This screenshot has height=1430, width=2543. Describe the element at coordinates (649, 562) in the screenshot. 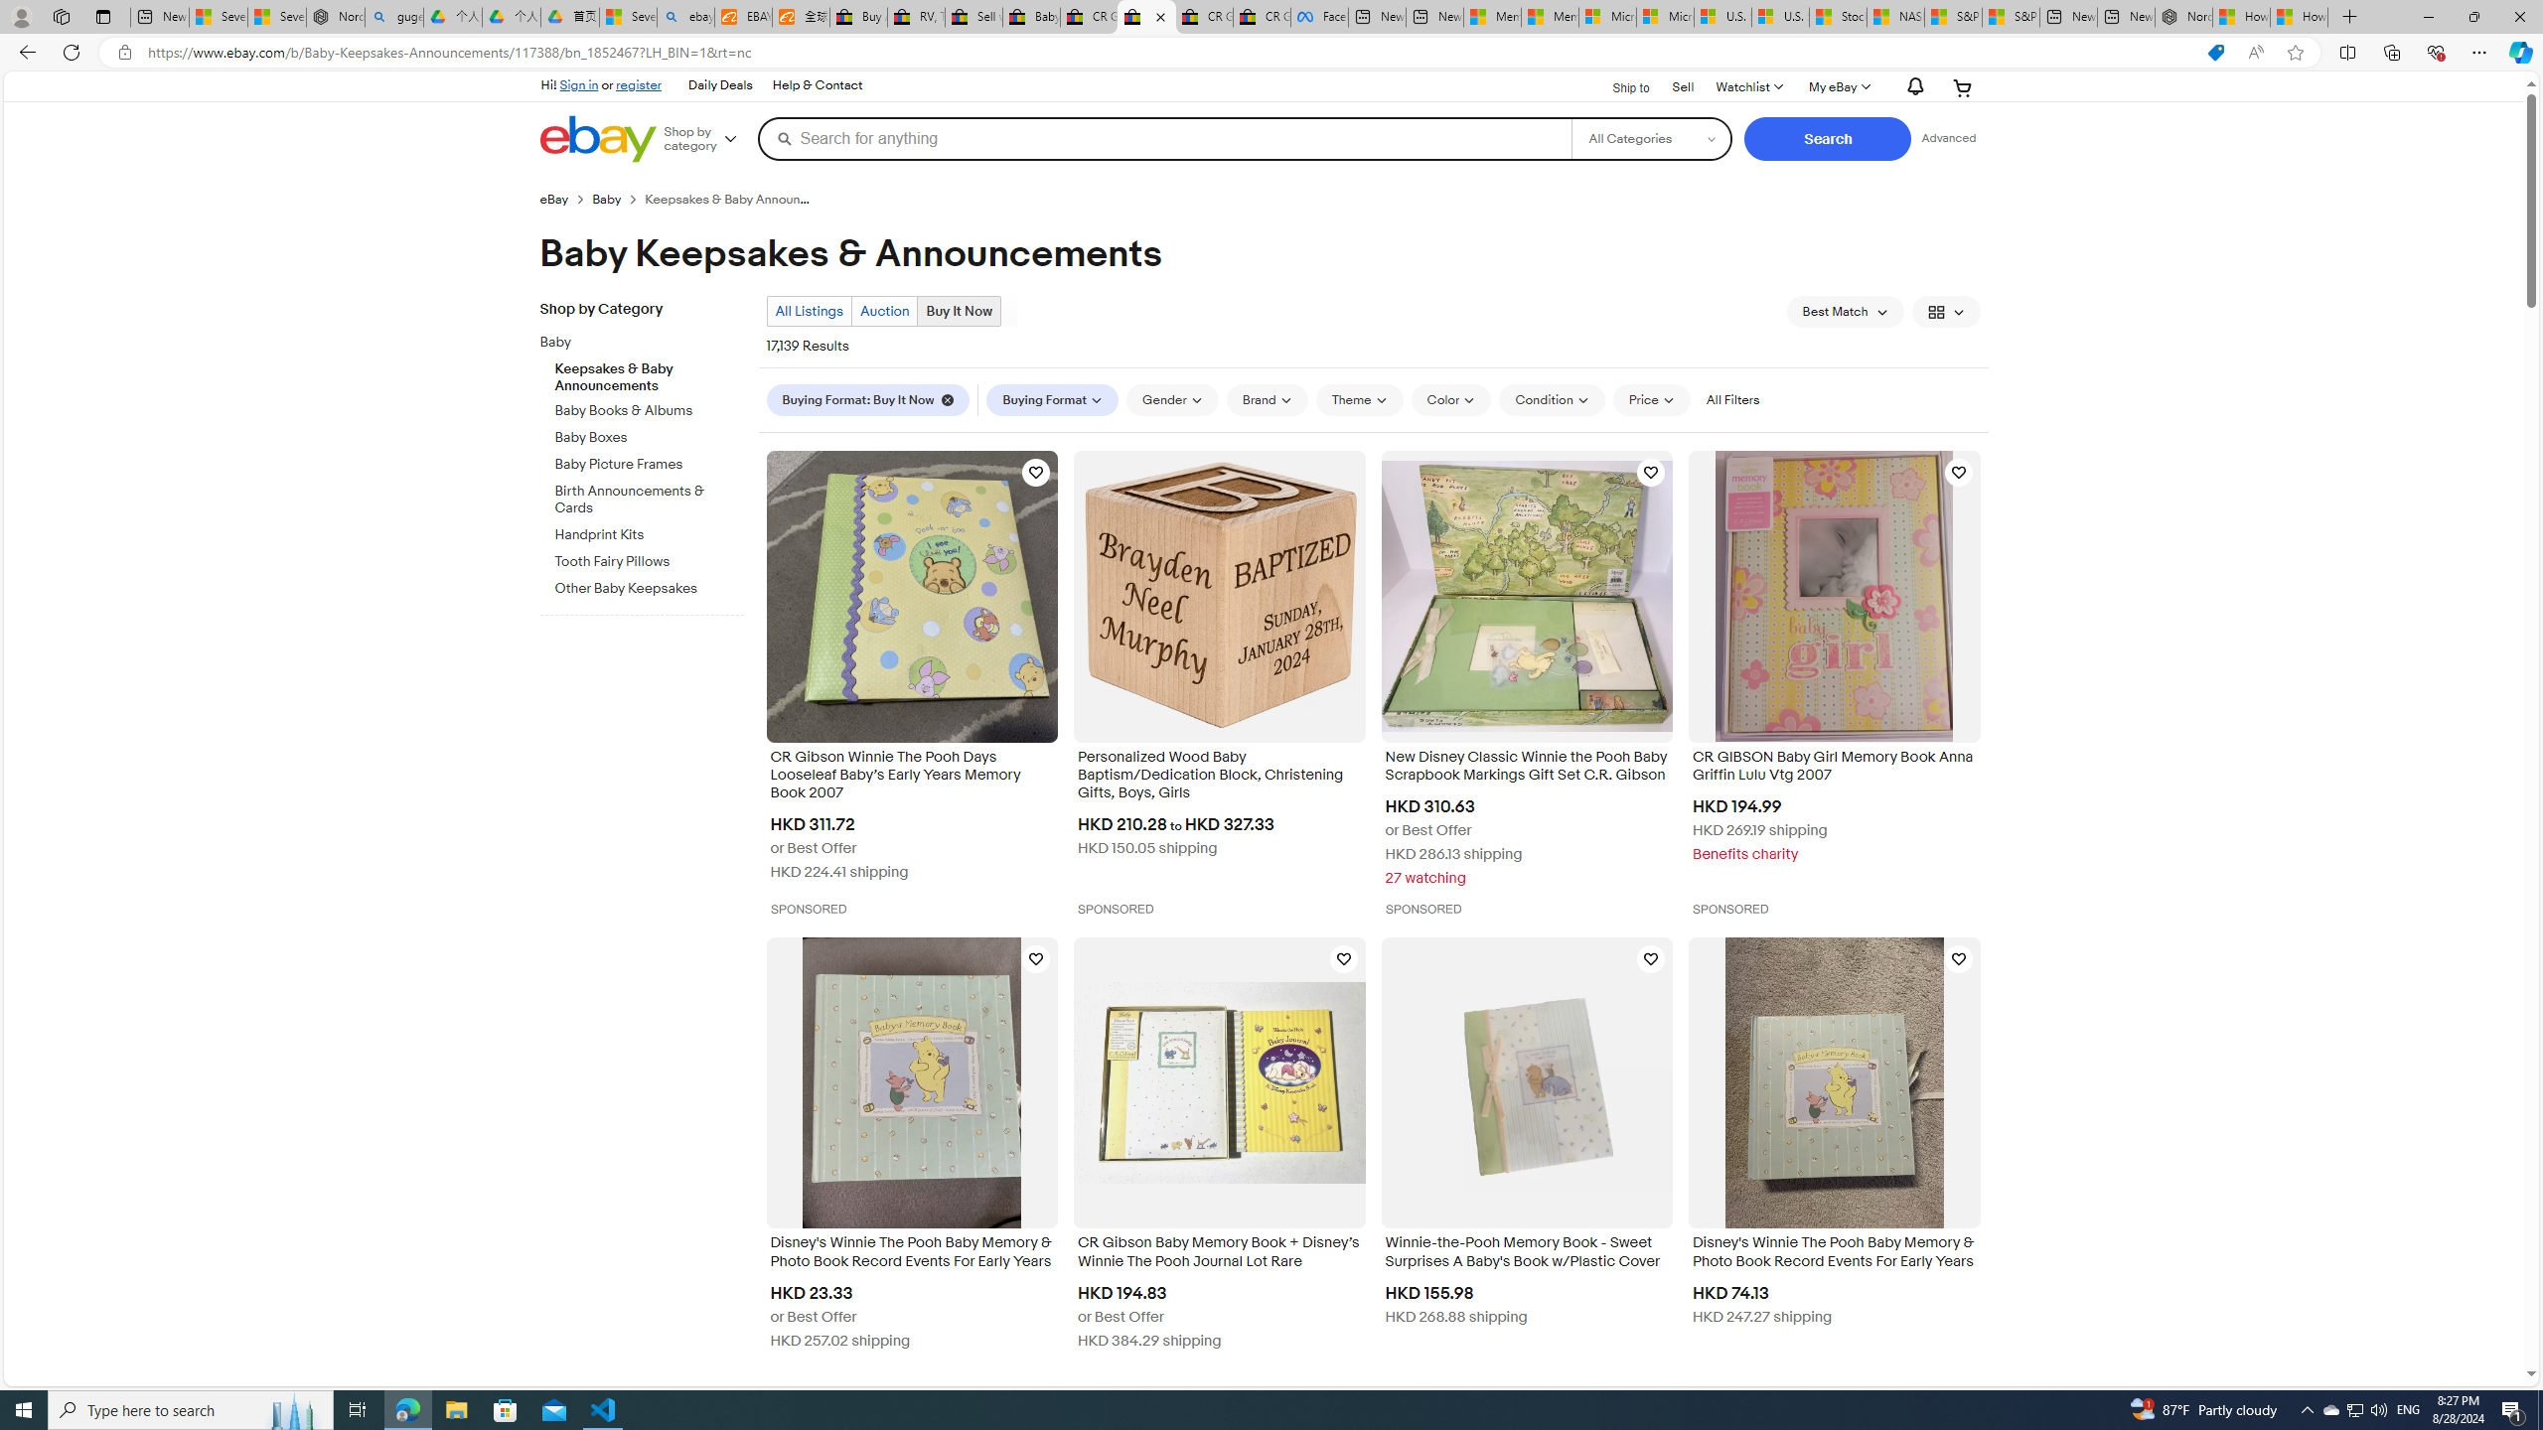

I see `'Tooth Fairy Pillows'` at that location.